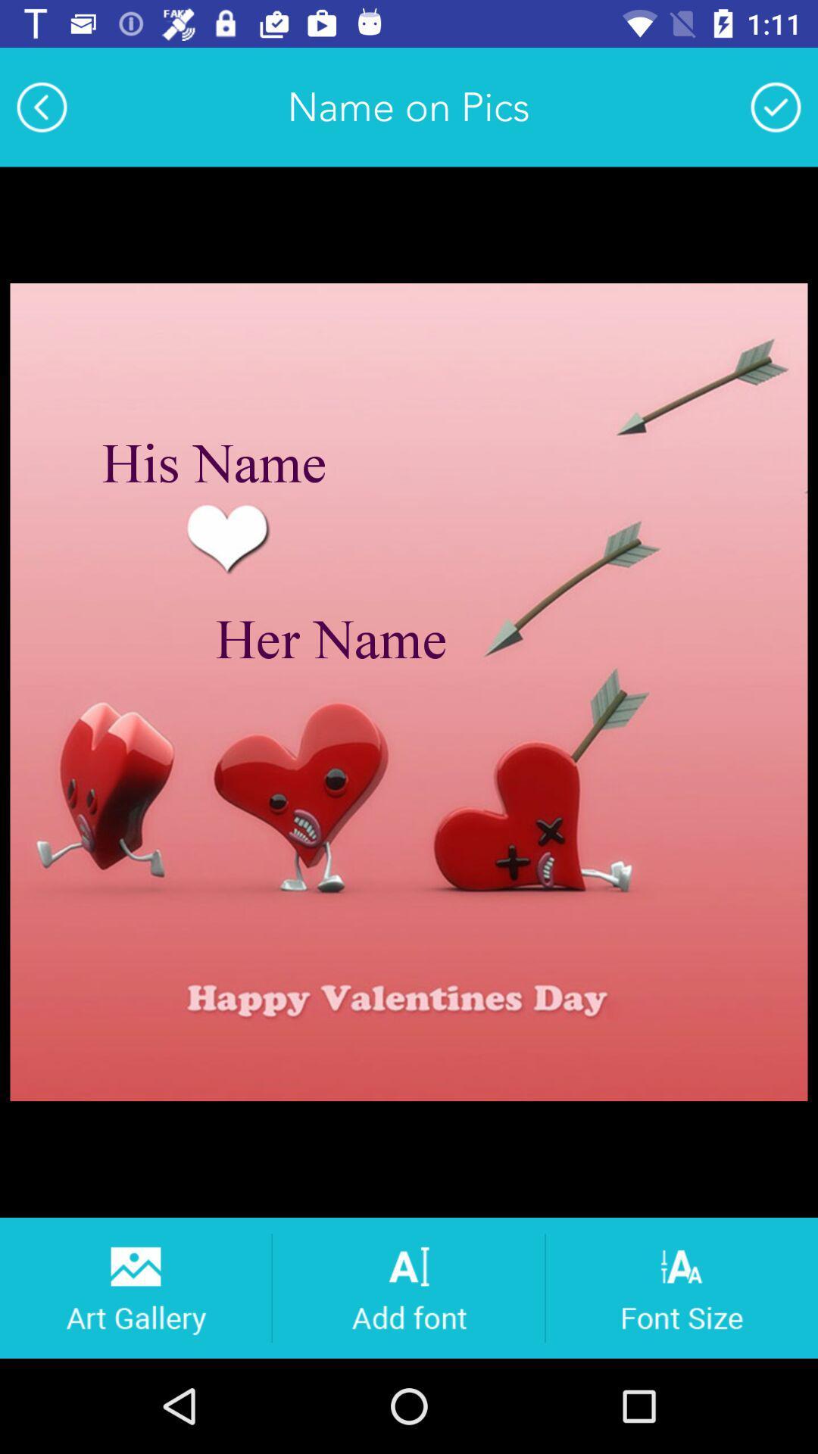 The width and height of the screenshot is (818, 1454). Describe the element at coordinates (134, 1287) in the screenshot. I see `art gallery` at that location.